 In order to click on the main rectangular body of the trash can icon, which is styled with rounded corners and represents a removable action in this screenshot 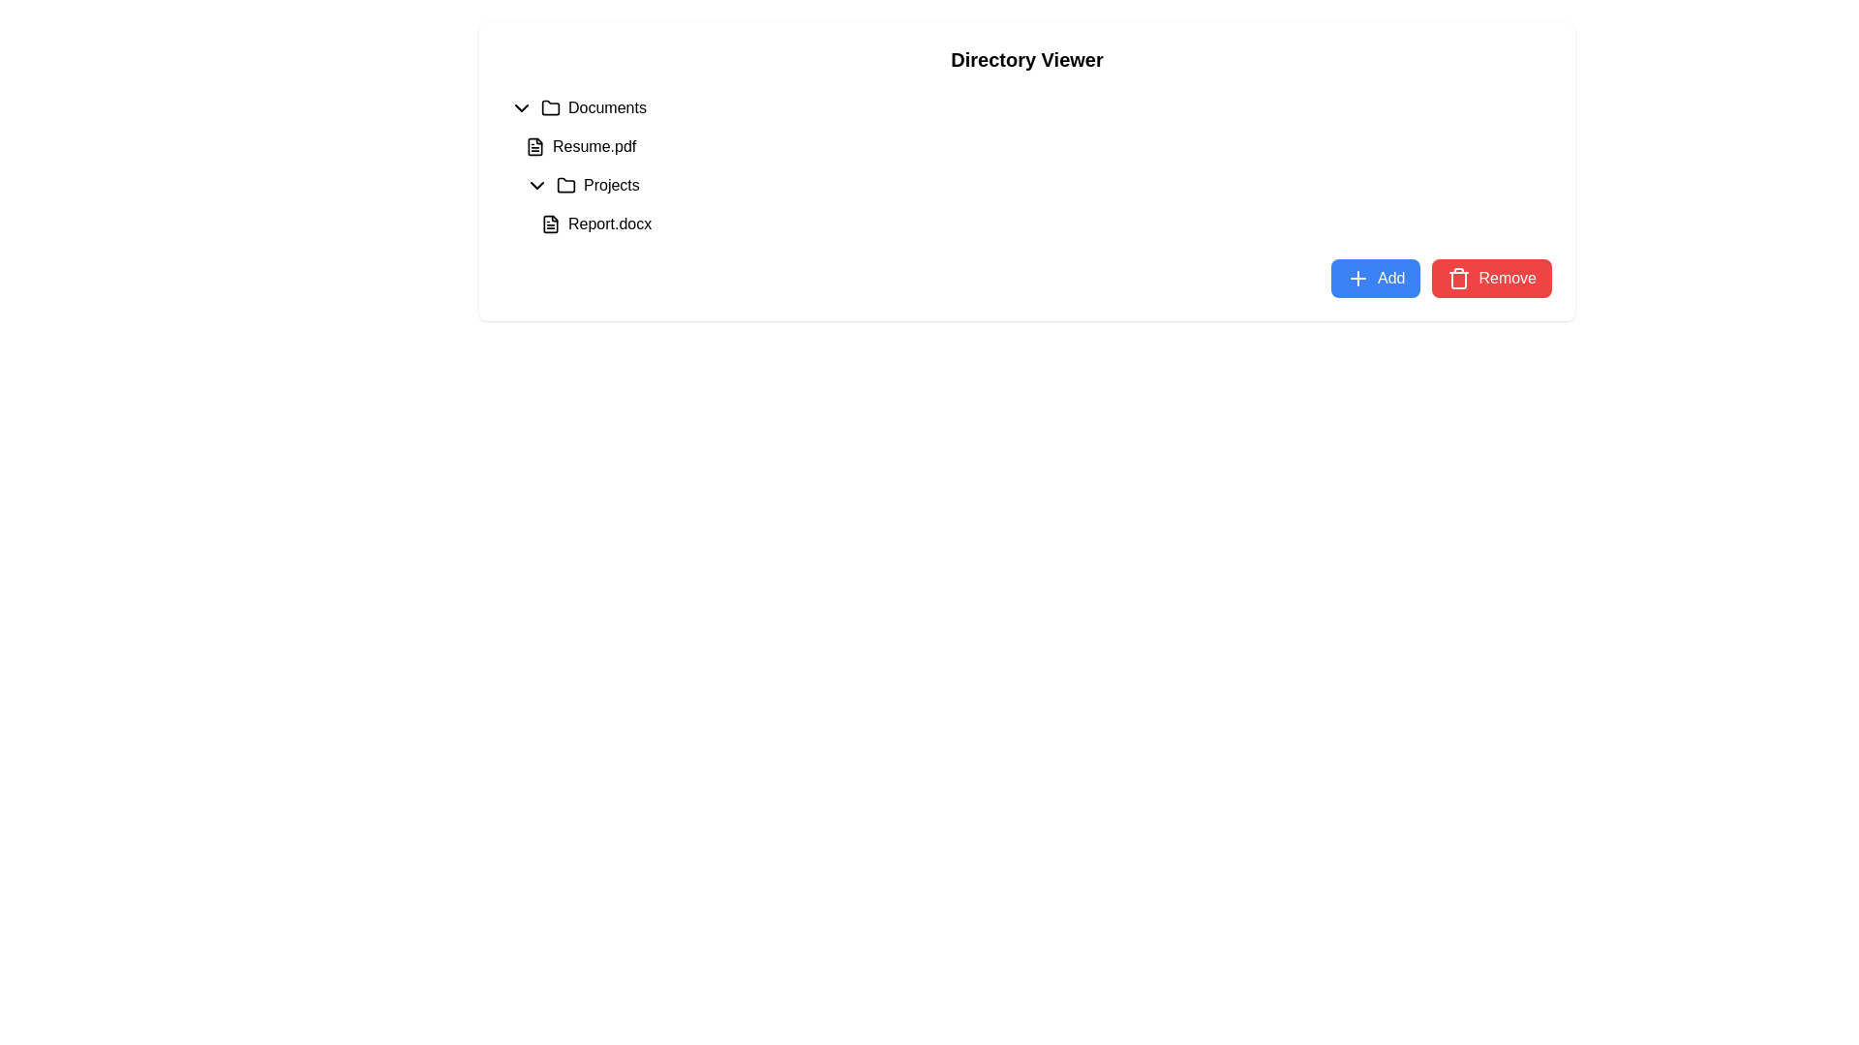, I will do `click(1459, 280)`.